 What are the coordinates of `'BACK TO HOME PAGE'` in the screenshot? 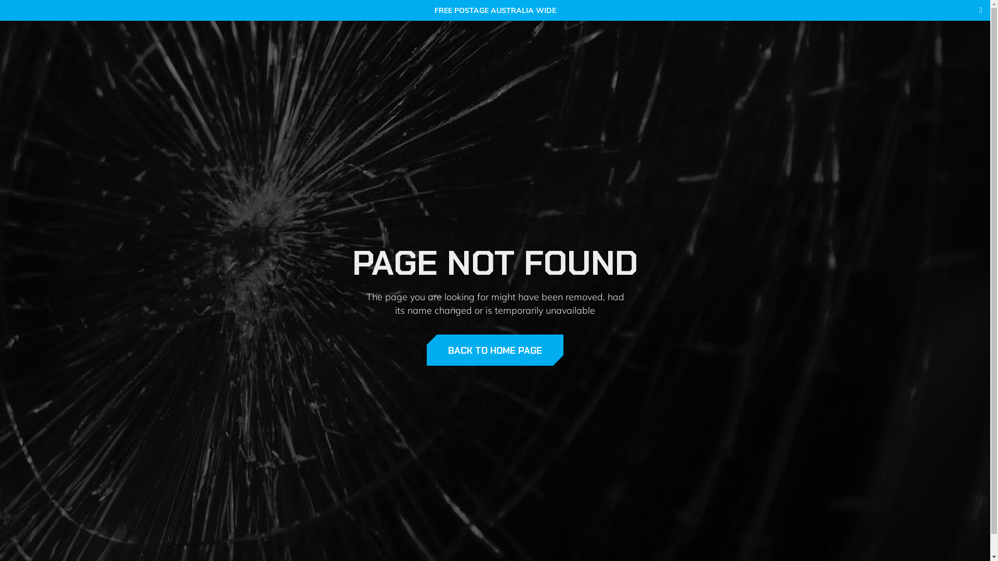 It's located at (426, 350).